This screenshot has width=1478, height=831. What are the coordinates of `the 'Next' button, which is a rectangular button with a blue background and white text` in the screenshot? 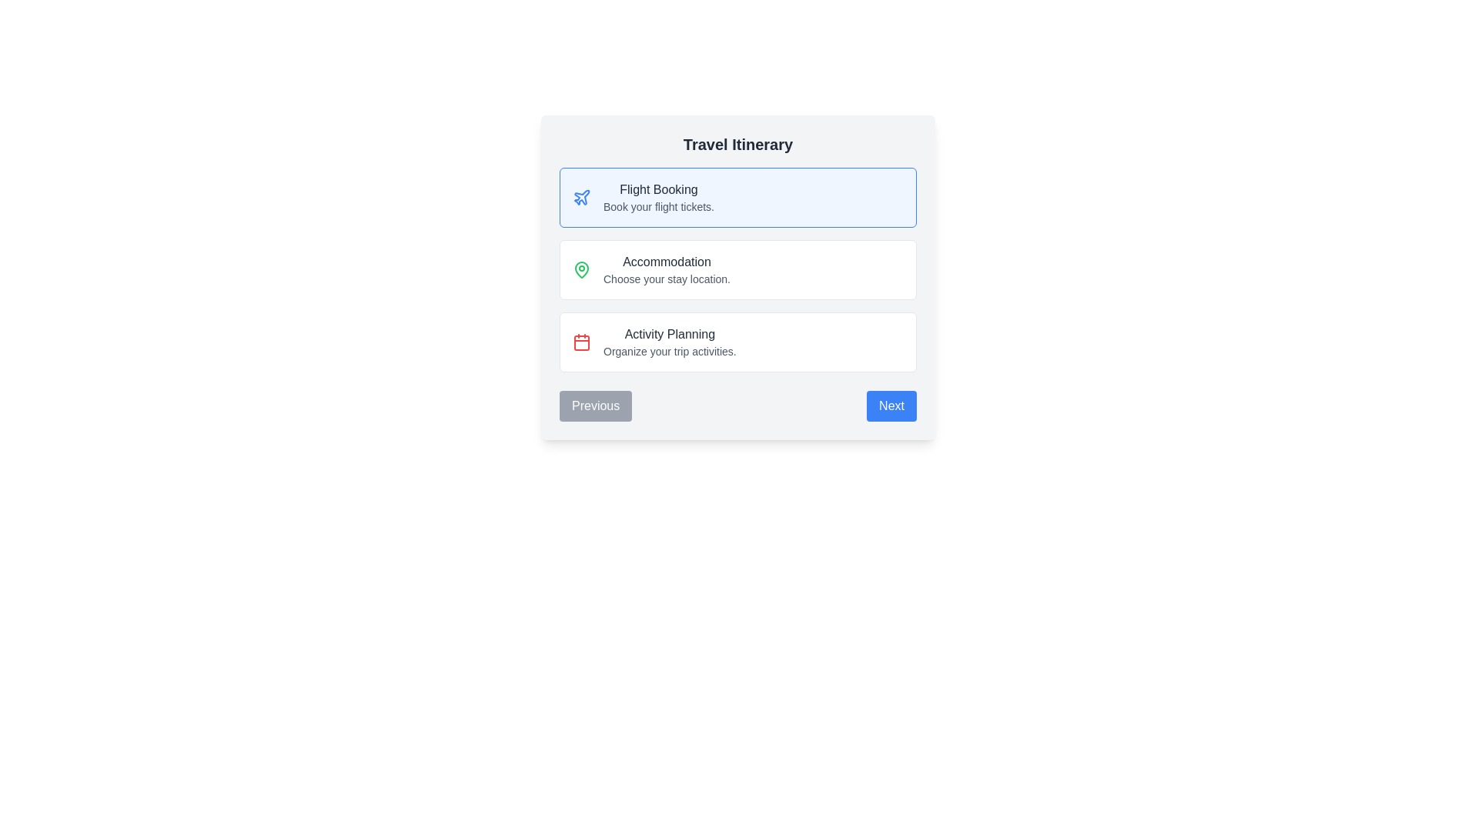 It's located at (891, 405).